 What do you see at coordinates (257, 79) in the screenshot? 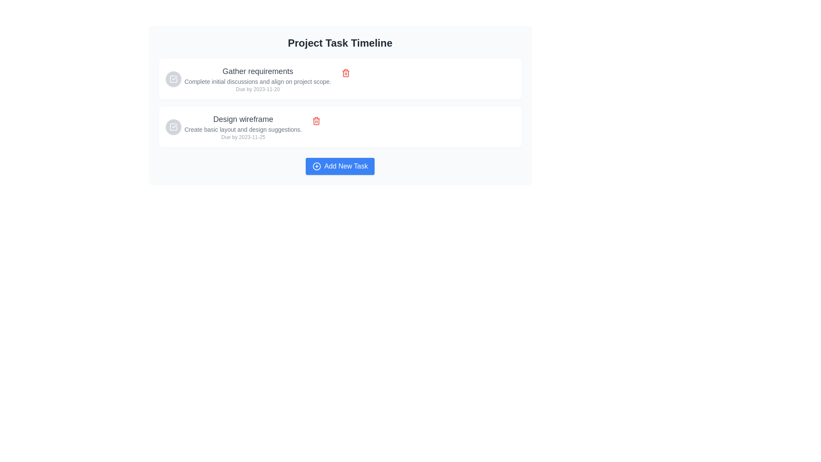
I see `the Task Information Block that provides task details and a due date` at bounding box center [257, 79].